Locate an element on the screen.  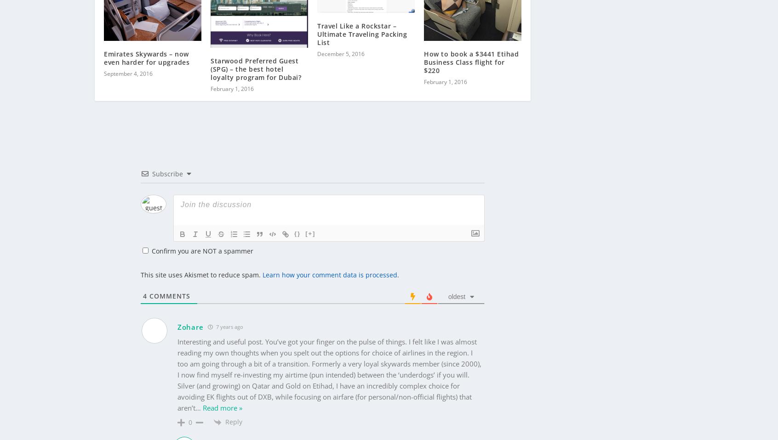
'December 5, 2016' is located at coordinates (340, 39).